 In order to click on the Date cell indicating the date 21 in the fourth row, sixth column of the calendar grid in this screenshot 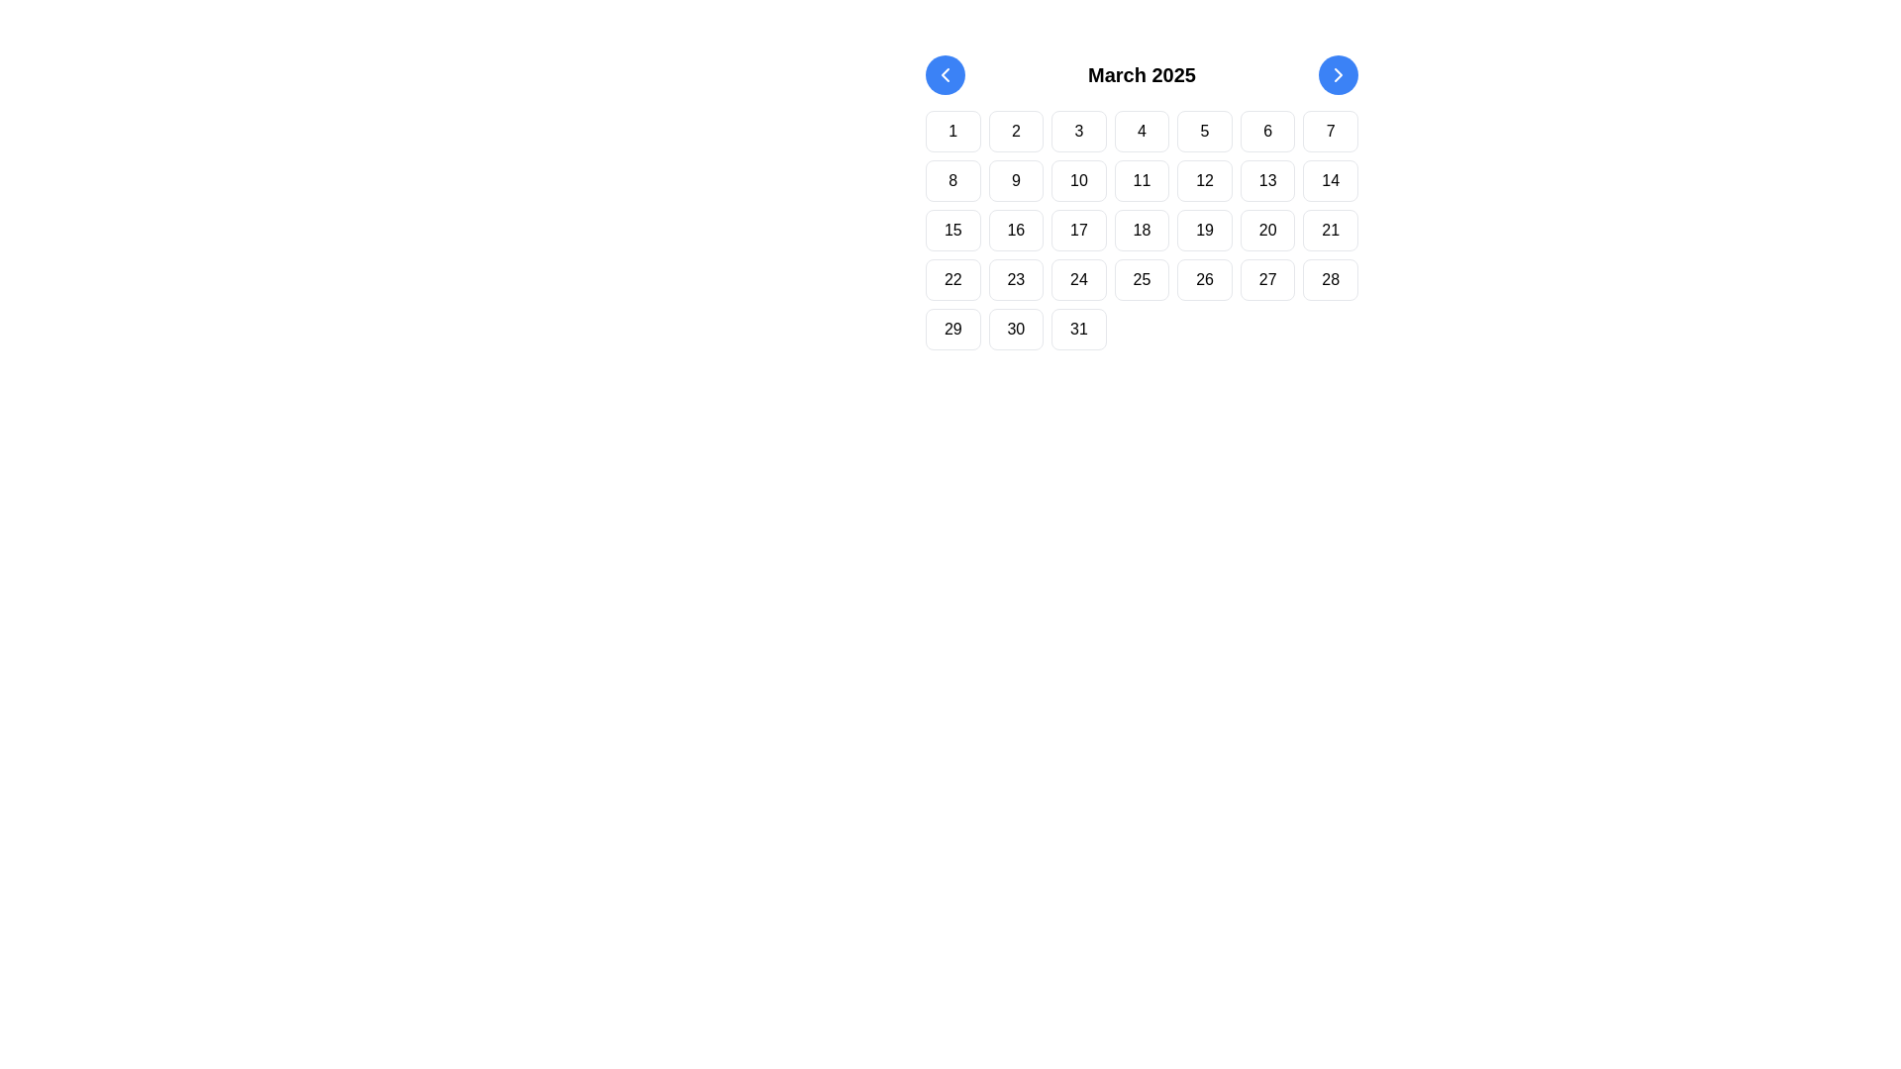, I will do `click(1331, 229)`.